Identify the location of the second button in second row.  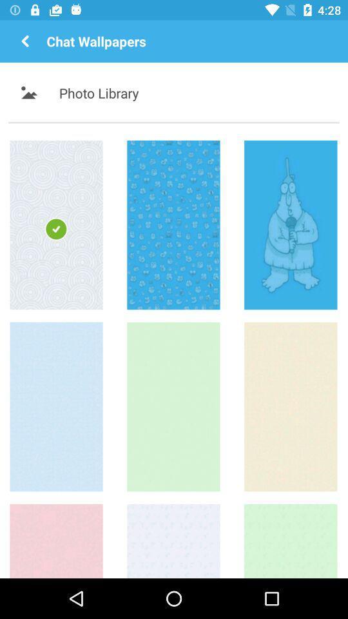
(173, 406).